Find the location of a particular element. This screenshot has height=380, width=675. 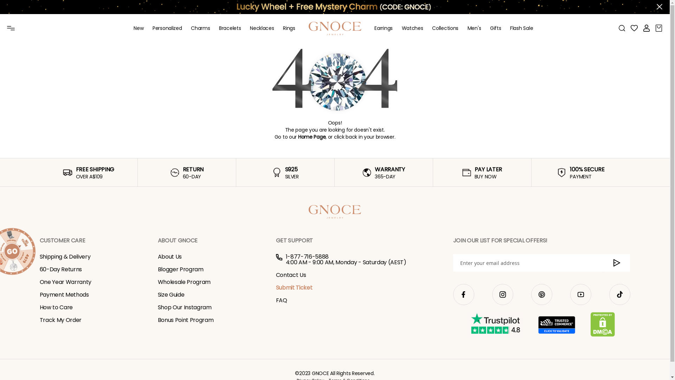

'Necklaces' is located at coordinates (261, 28).